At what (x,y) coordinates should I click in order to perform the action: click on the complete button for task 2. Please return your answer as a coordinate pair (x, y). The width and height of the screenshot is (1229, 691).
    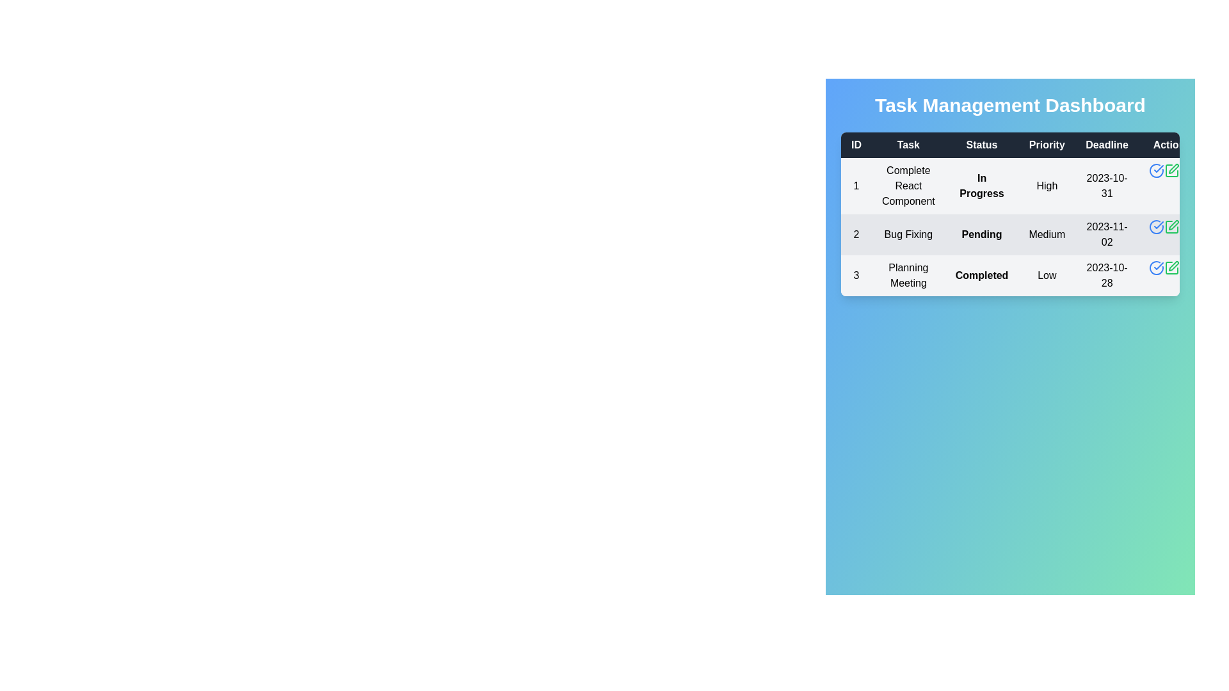
    Looking at the image, I should click on (1155, 226).